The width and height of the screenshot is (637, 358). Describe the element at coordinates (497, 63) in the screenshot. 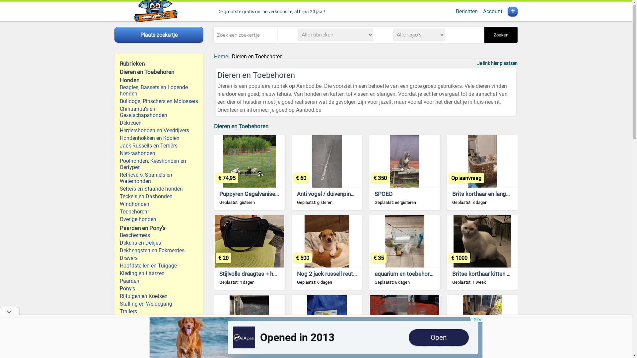

I see `'Je link hier plaatsen'` at that location.